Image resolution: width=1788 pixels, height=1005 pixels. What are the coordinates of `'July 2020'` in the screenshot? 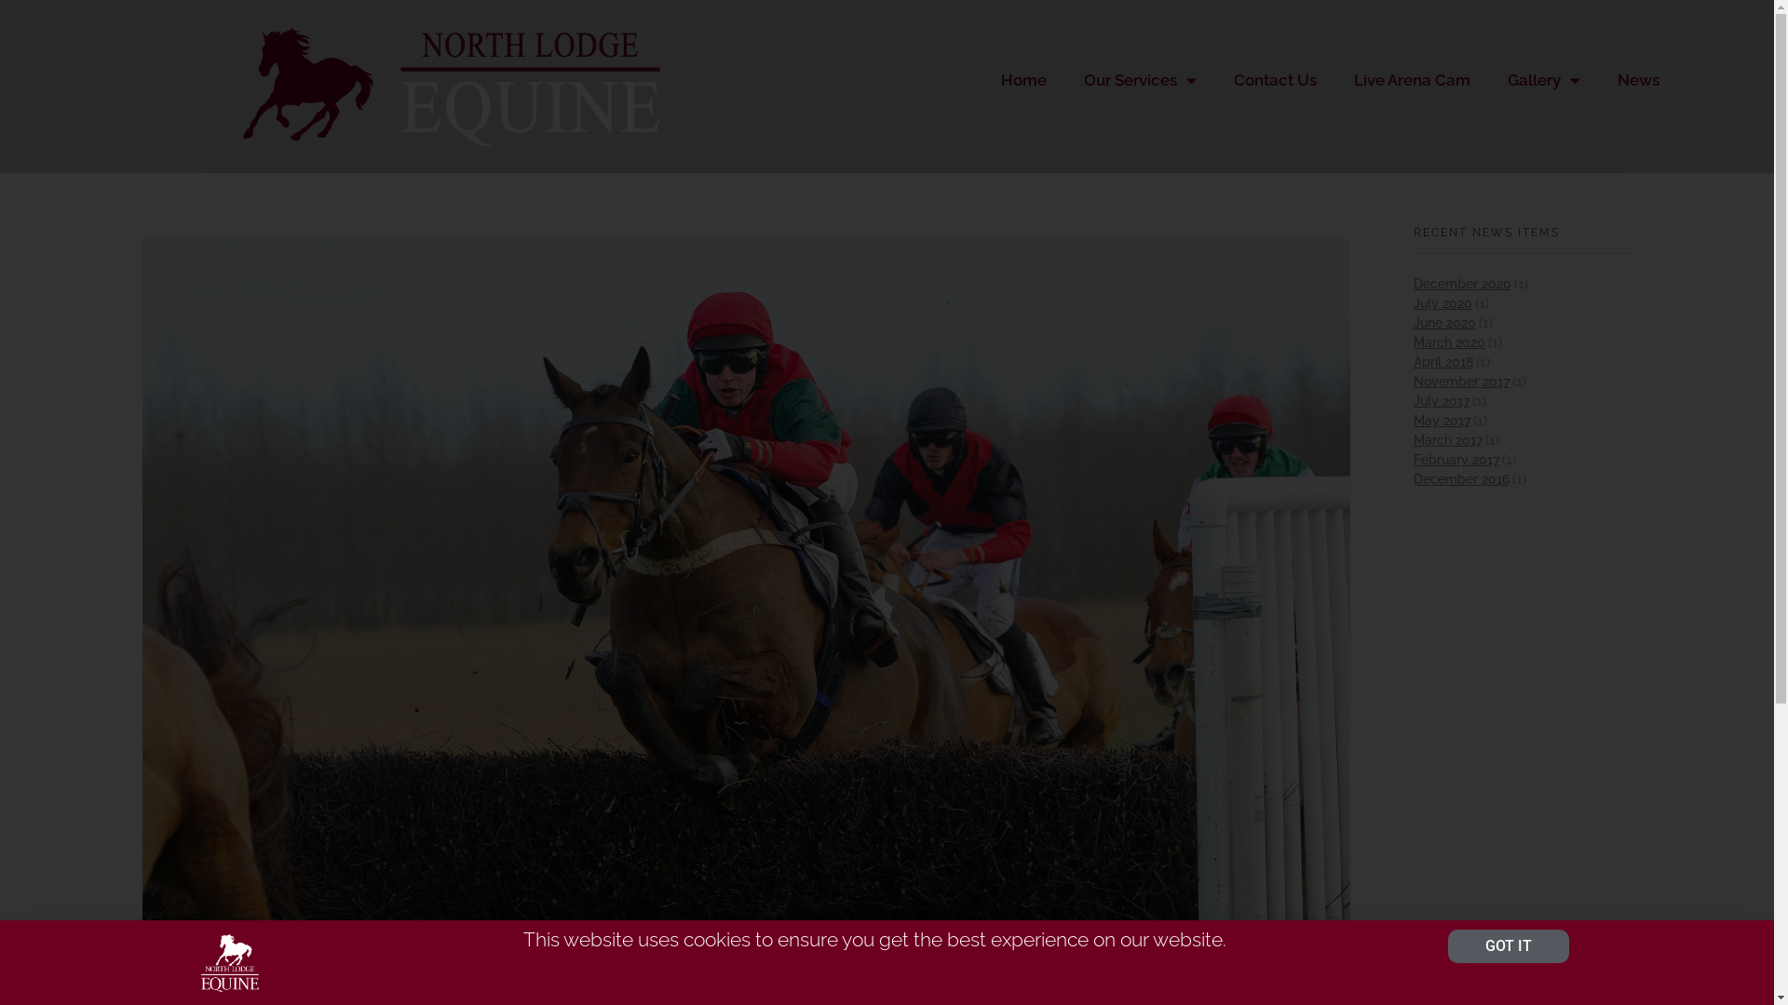 It's located at (1413, 302).